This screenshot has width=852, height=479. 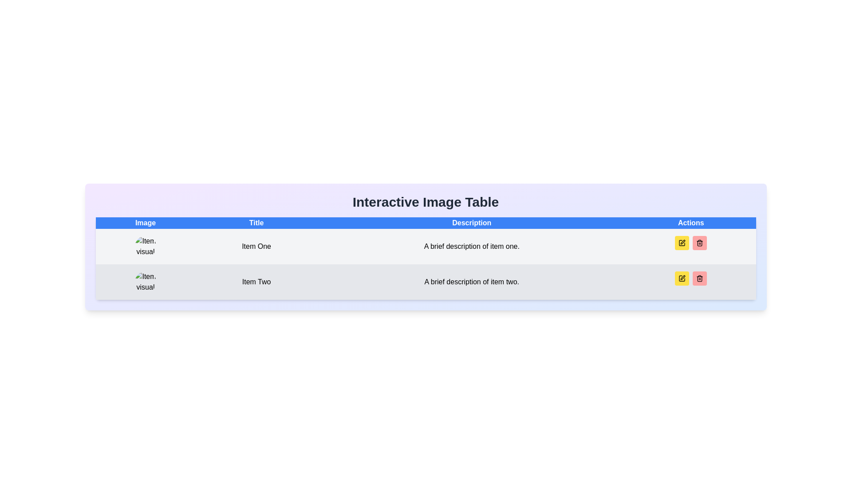 I want to click on the red trash can icon button located in the 'Actions' column of the table, positioned to the right of the yellow 'edit' button in the second row, to observe the hover effect, so click(x=699, y=278).